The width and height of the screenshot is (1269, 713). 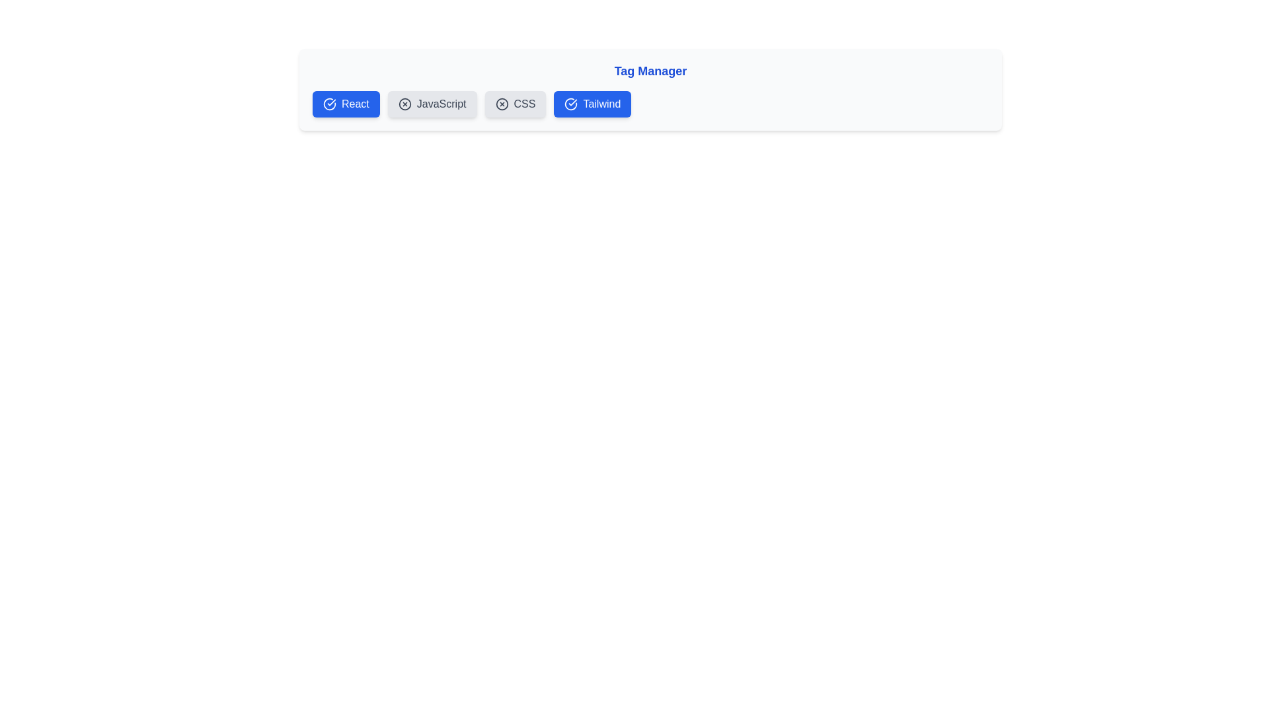 I want to click on the tag labeled CSS, so click(x=514, y=104).